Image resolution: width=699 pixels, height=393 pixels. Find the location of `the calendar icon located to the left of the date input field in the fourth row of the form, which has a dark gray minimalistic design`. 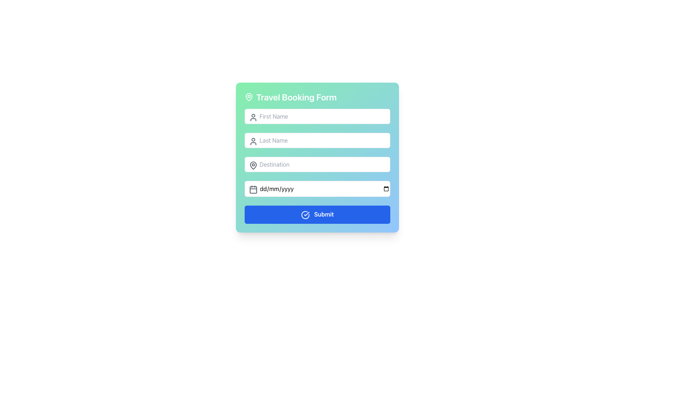

the calendar icon located to the left of the date input field in the fourth row of the form, which has a dark gray minimalistic design is located at coordinates (253, 189).